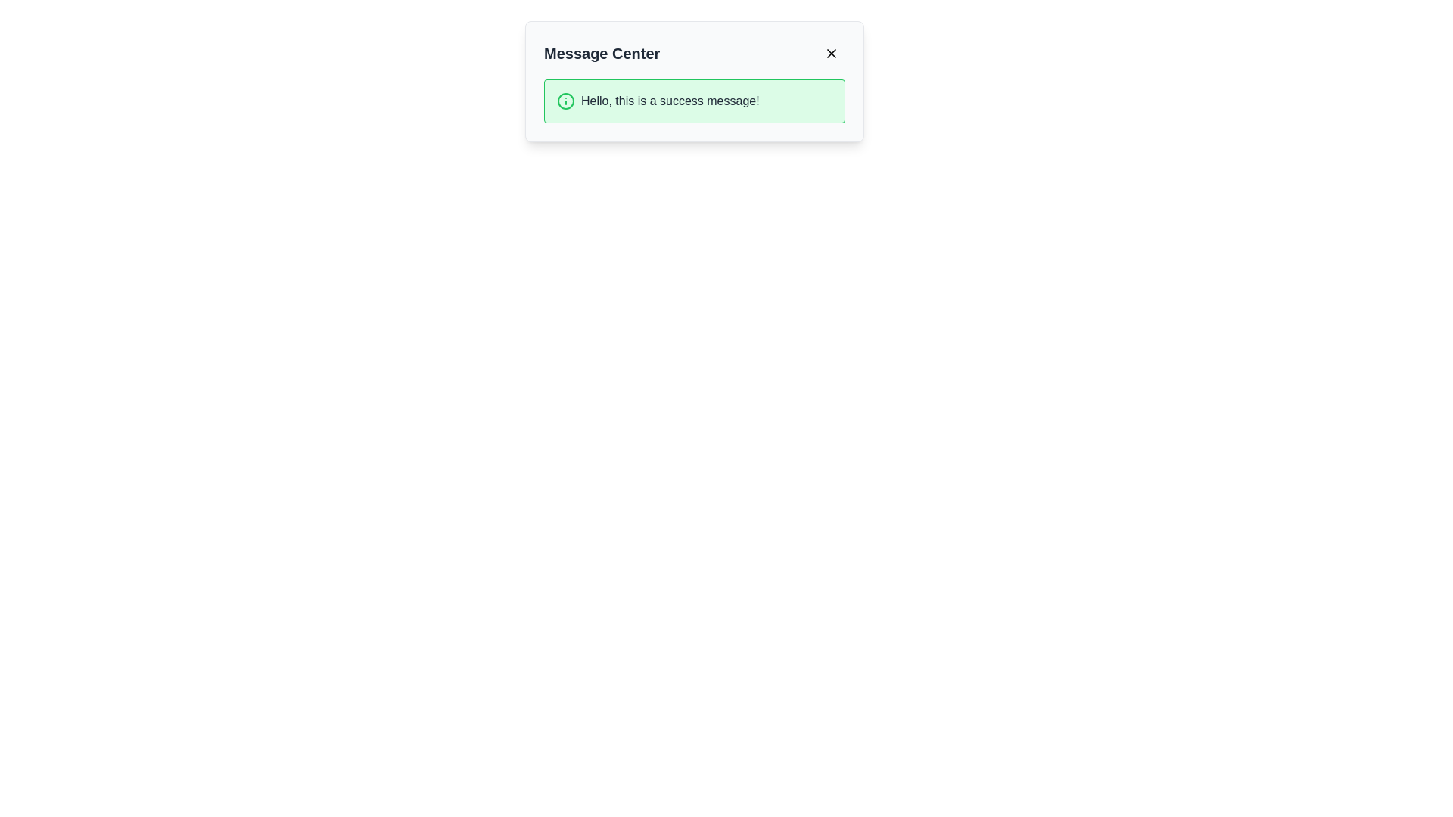 Image resolution: width=1453 pixels, height=817 pixels. Describe the element at coordinates (831, 52) in the screenshot. I see `the circular button with an 'X' icon located at the top-right of the 'Message Center' header` at that location.